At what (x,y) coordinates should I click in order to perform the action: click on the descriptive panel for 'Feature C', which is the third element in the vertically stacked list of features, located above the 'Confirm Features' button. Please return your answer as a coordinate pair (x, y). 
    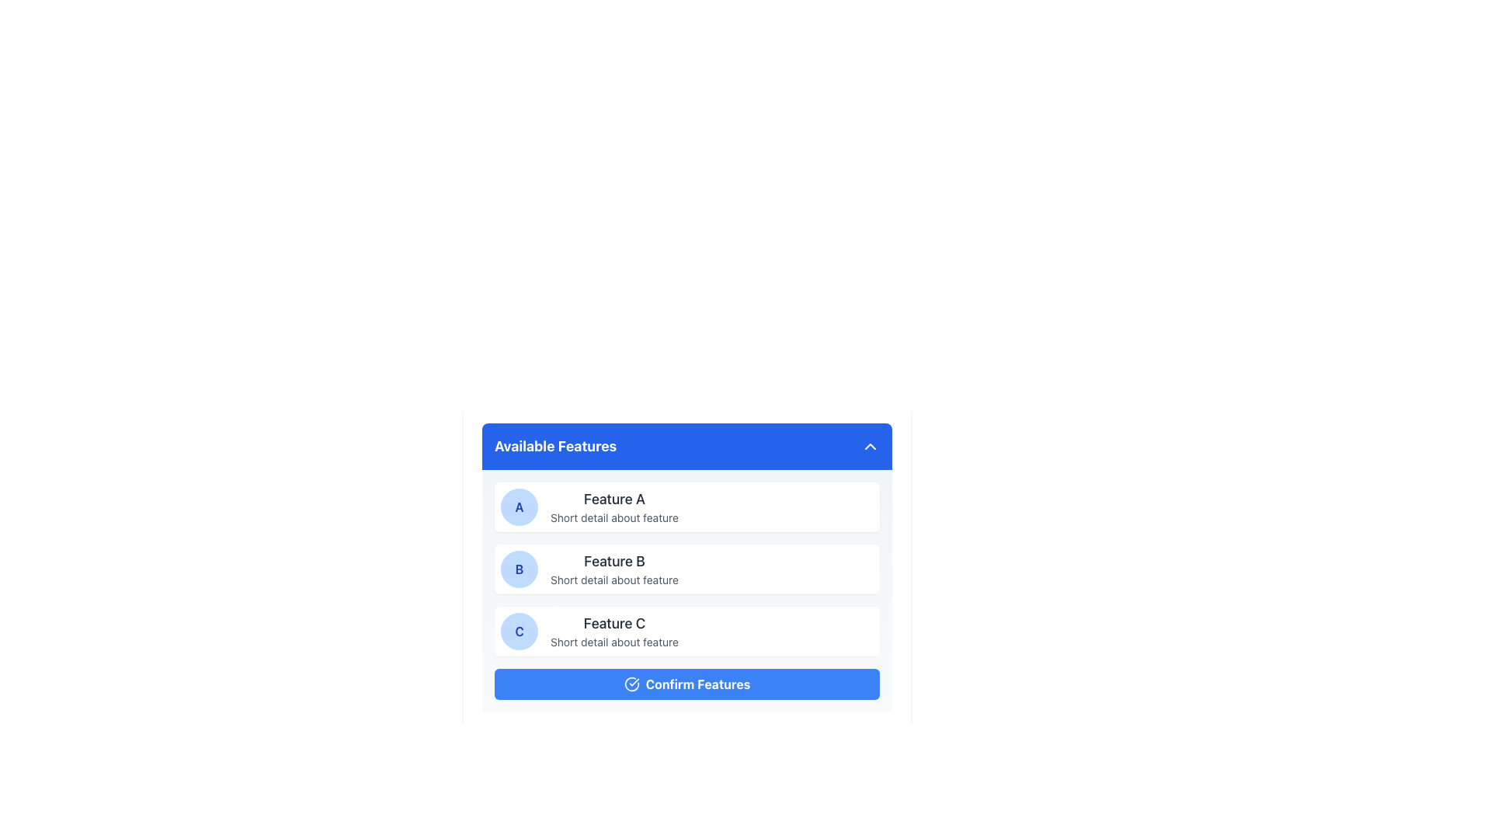
    Looking at the image, I should click on (686, 632).